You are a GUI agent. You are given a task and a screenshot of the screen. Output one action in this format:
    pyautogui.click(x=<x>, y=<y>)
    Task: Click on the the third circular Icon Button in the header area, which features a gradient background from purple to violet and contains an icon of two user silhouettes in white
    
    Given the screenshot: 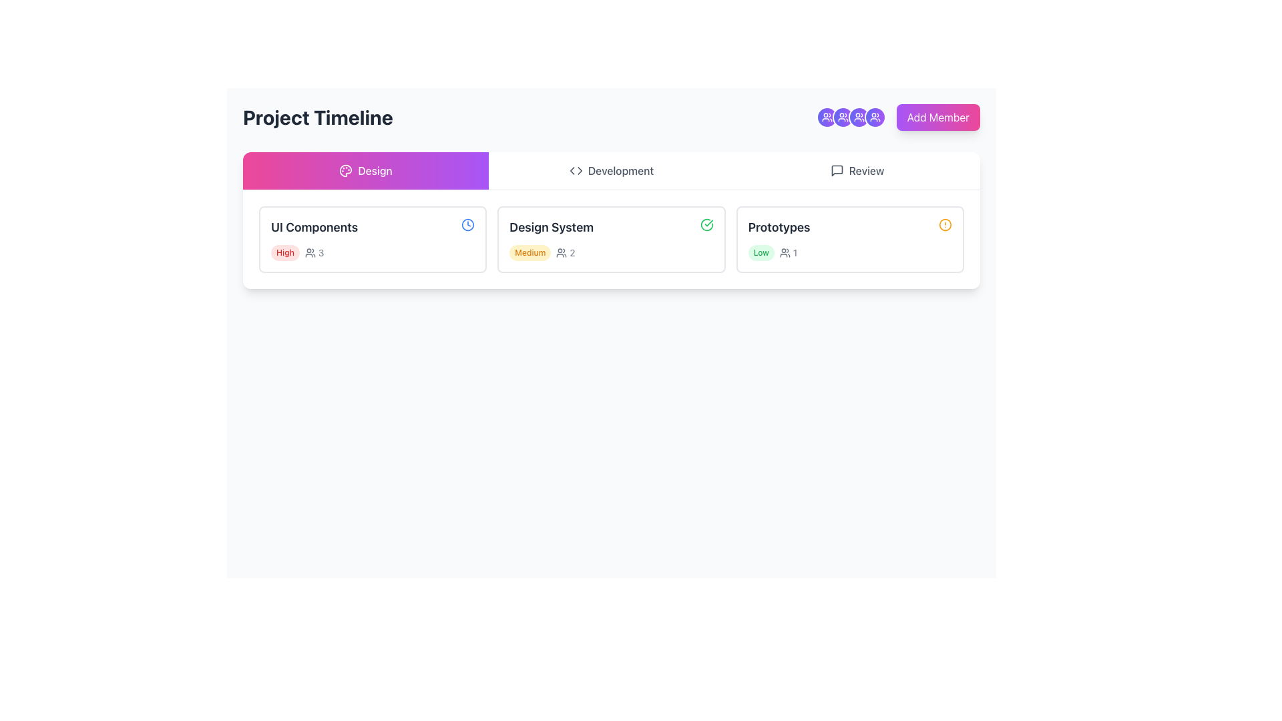 What is the action you would take?
    pyautogui.click(x=842, y=117)
    